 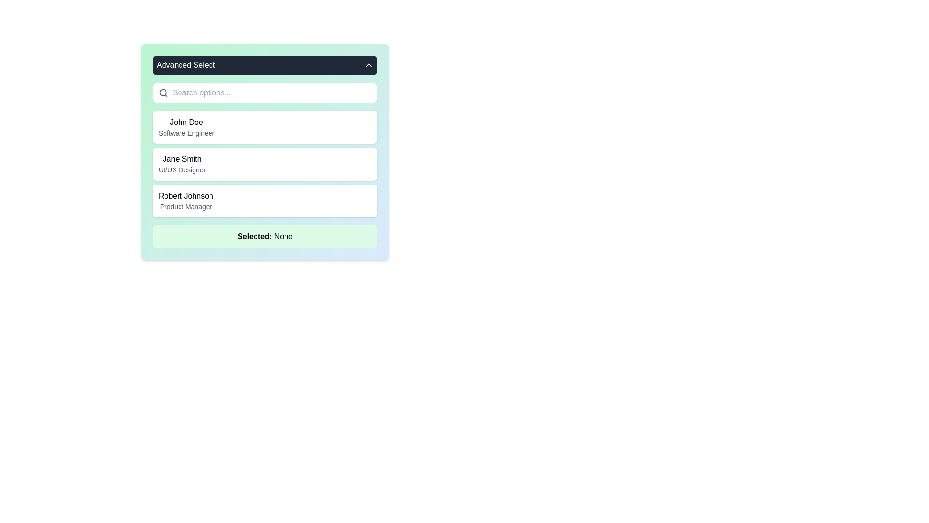 I want to click on to select the first list item displaying 'John Doe' and 'Software Engineer' within the selection menu, so click(x=186, y=126).